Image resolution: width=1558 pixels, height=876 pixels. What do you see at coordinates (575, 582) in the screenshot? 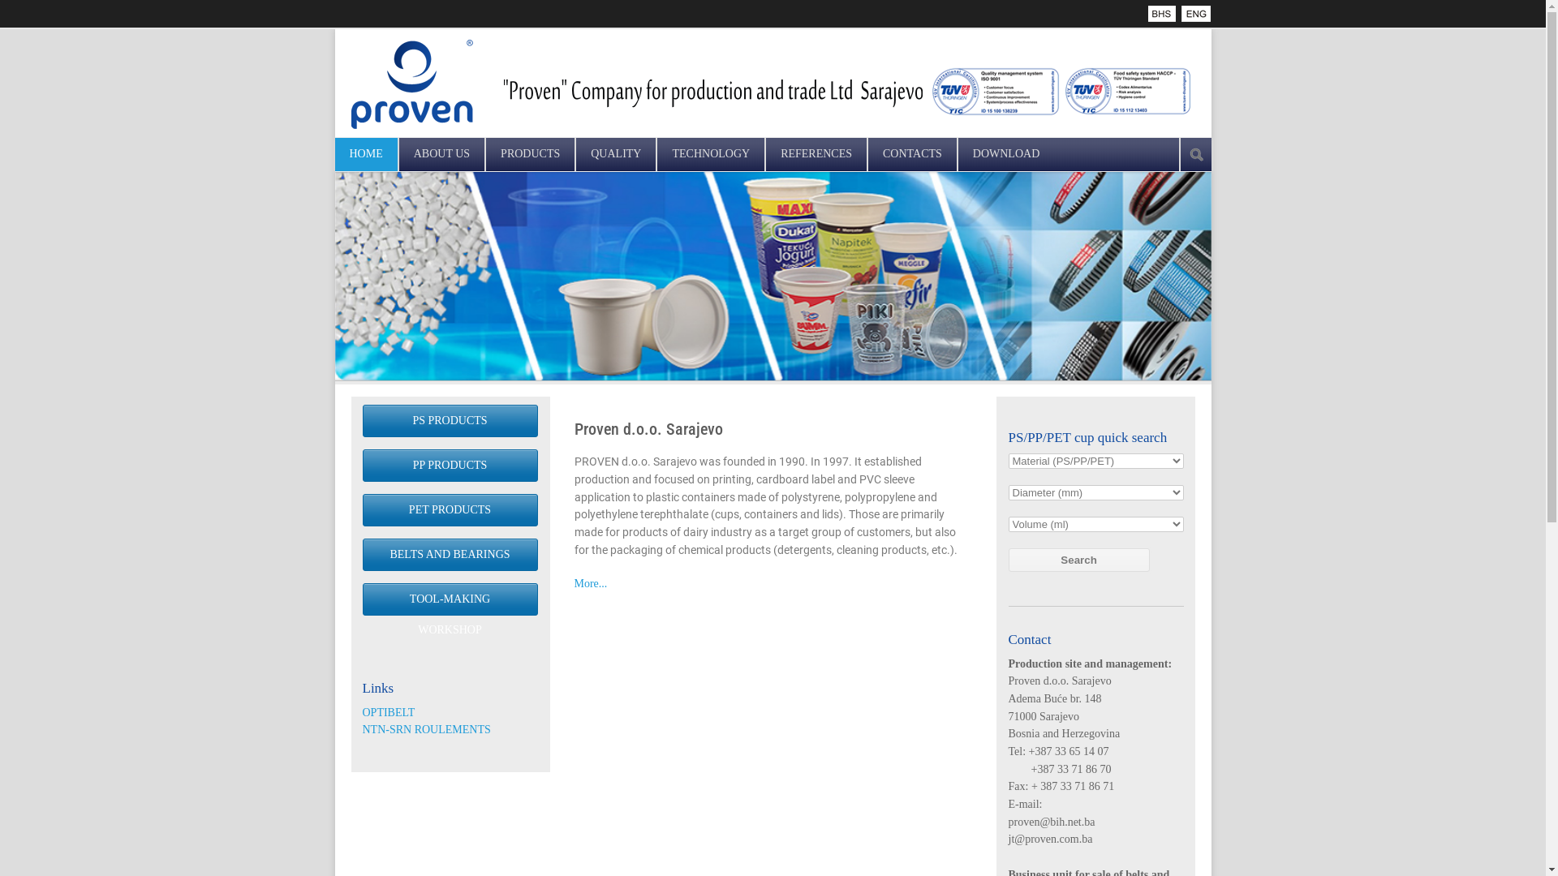
I see `'More...'` at bounding box center [575, 582].